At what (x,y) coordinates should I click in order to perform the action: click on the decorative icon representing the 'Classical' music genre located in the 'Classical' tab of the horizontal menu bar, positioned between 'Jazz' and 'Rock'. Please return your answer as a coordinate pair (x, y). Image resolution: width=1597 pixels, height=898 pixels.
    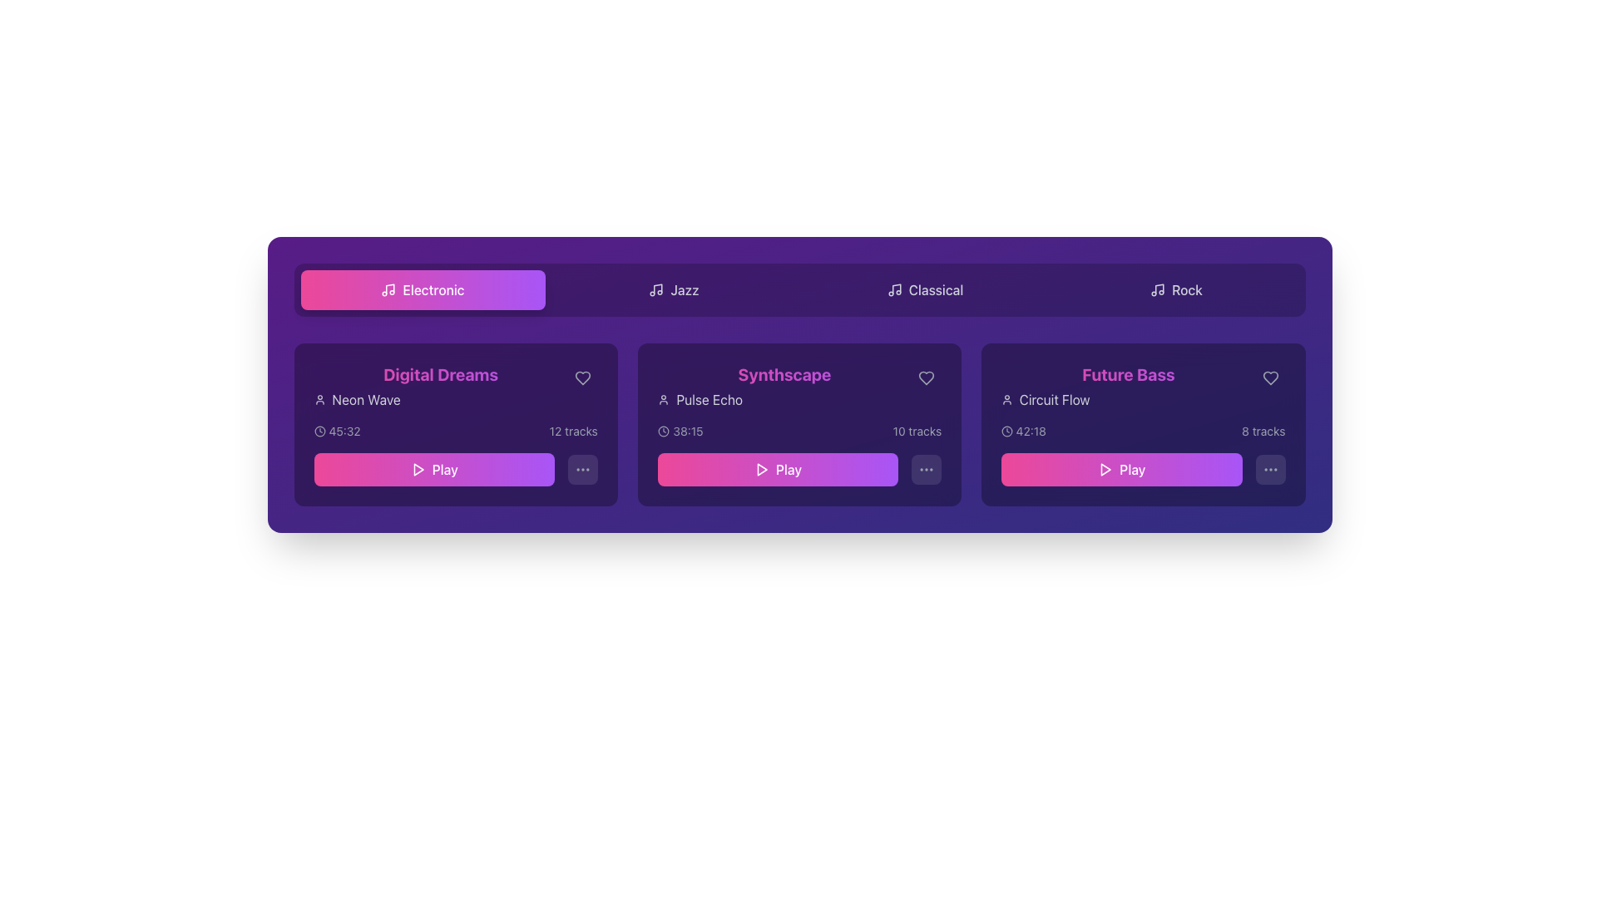
    Looking at the image, I should click on (893, 289).